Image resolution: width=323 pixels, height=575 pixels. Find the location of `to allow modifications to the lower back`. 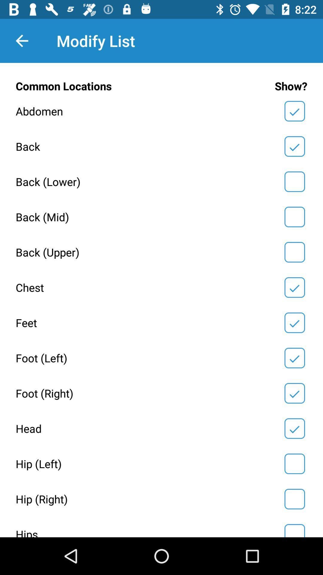

to allow modifications to the lower back is located at coordinates (294, 181).